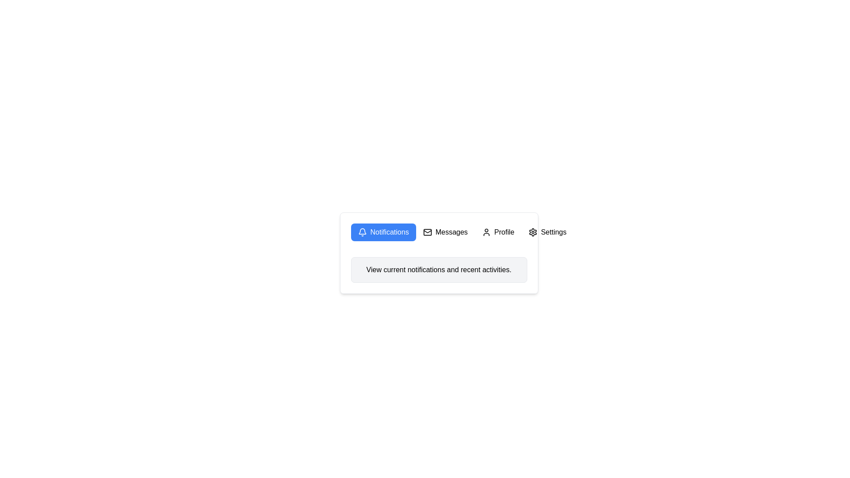 The height and width of the screenshot is (478, 850). What do you see at coordinates (452, 231) in the screenshot?
I see `the 'Messages' text label in the horizontal navigation menu` at bounding box center [452, 231].